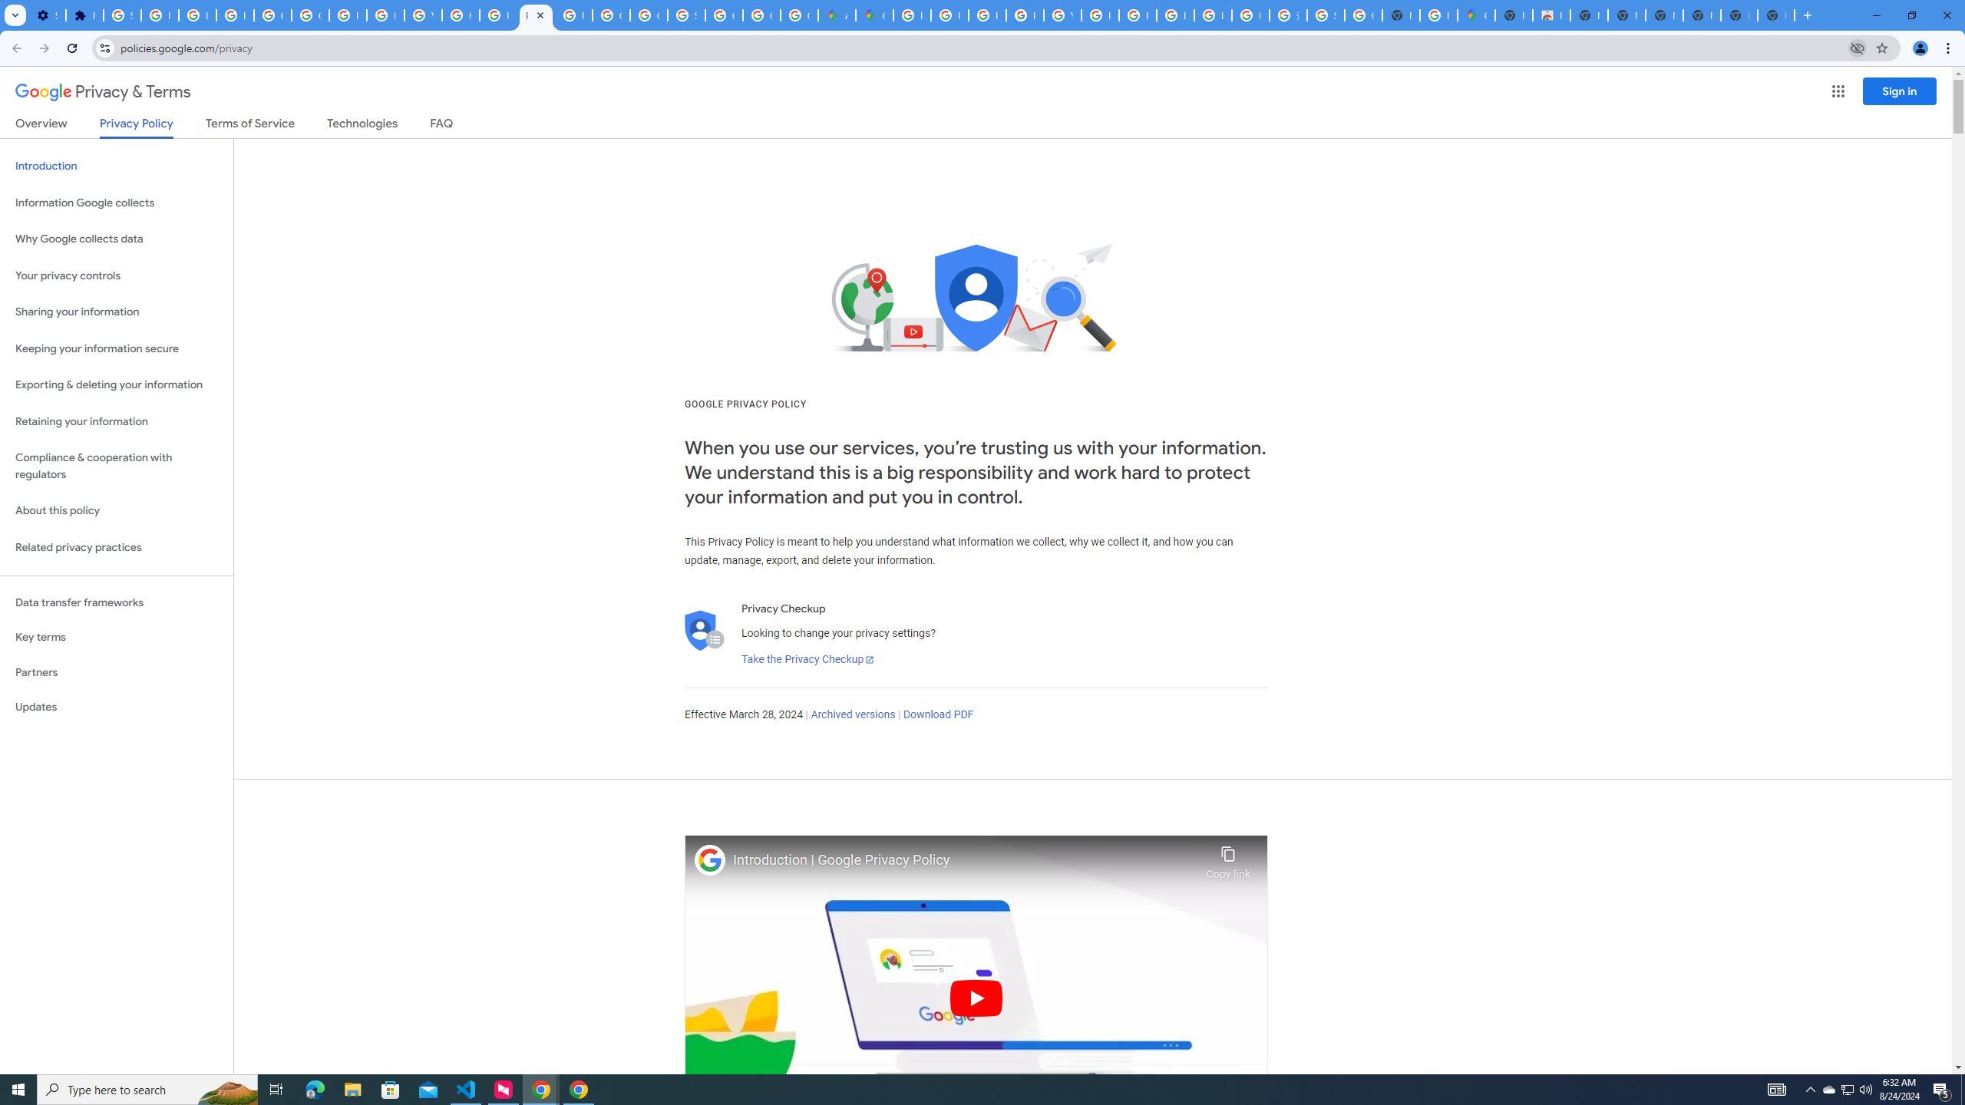  I want to click on 'Learn how to find your photos - Google Photos Help', so click(197, 15).